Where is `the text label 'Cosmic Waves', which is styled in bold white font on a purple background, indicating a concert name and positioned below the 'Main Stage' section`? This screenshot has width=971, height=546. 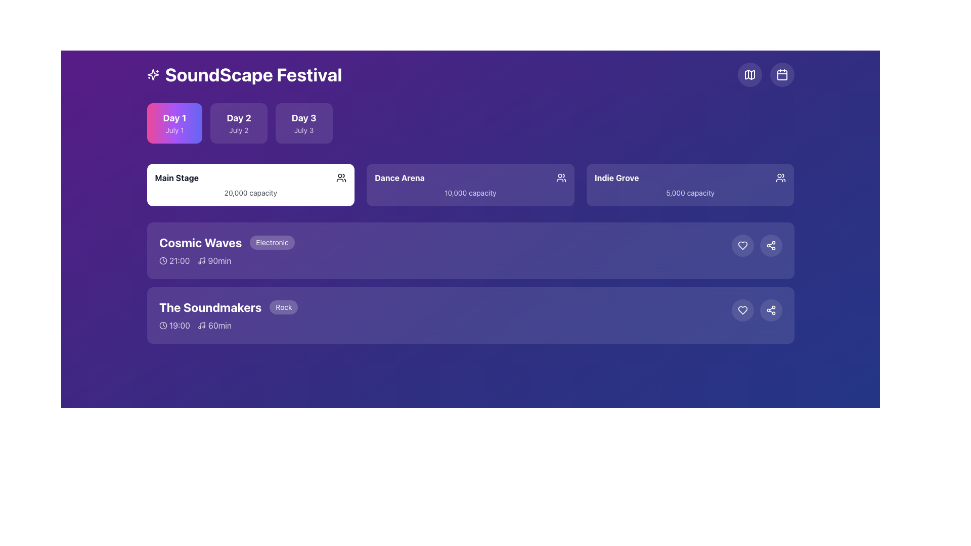 the text label 'Cosmic Waves', which is styled in bold white font on a purple background, indicating a concert name and positioned below the 'Main Stage' section is located at coordinates (200, 242).